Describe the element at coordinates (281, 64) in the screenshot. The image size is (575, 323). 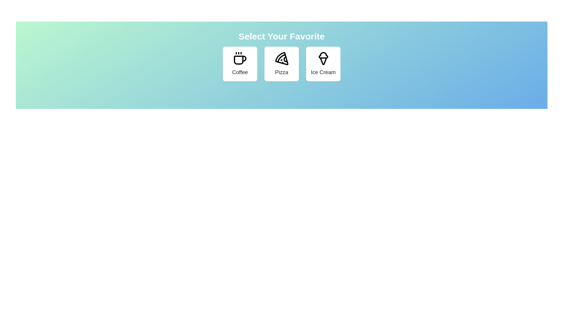
I see `the second selectable card in the grid labeled 'Pizza'` at that location.